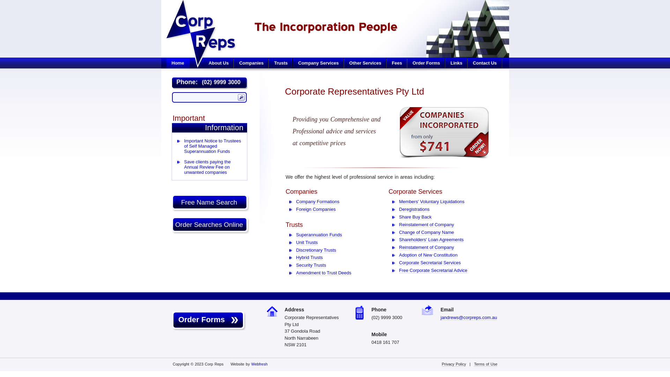 This screenshot has width=670, height=377. I want to click on 'Company Formations', so click(296, 202).